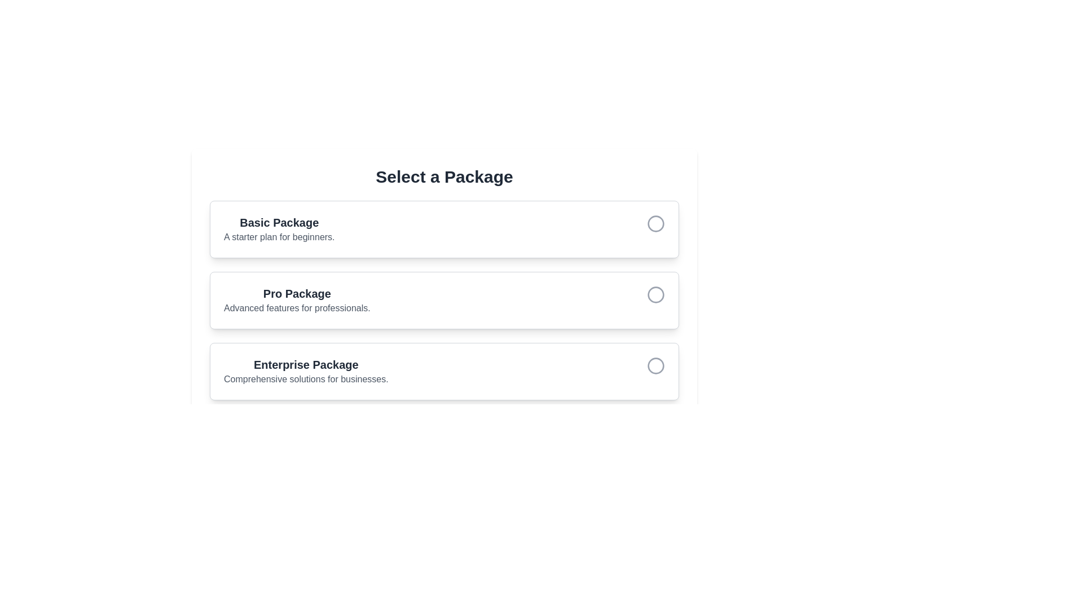  What do you see at coordinates (655, 365) in the screenshot?
I see `the radio button for the 'Enterprise Package' located at the far right of the third row of package options` at bounding box center [655, 365].